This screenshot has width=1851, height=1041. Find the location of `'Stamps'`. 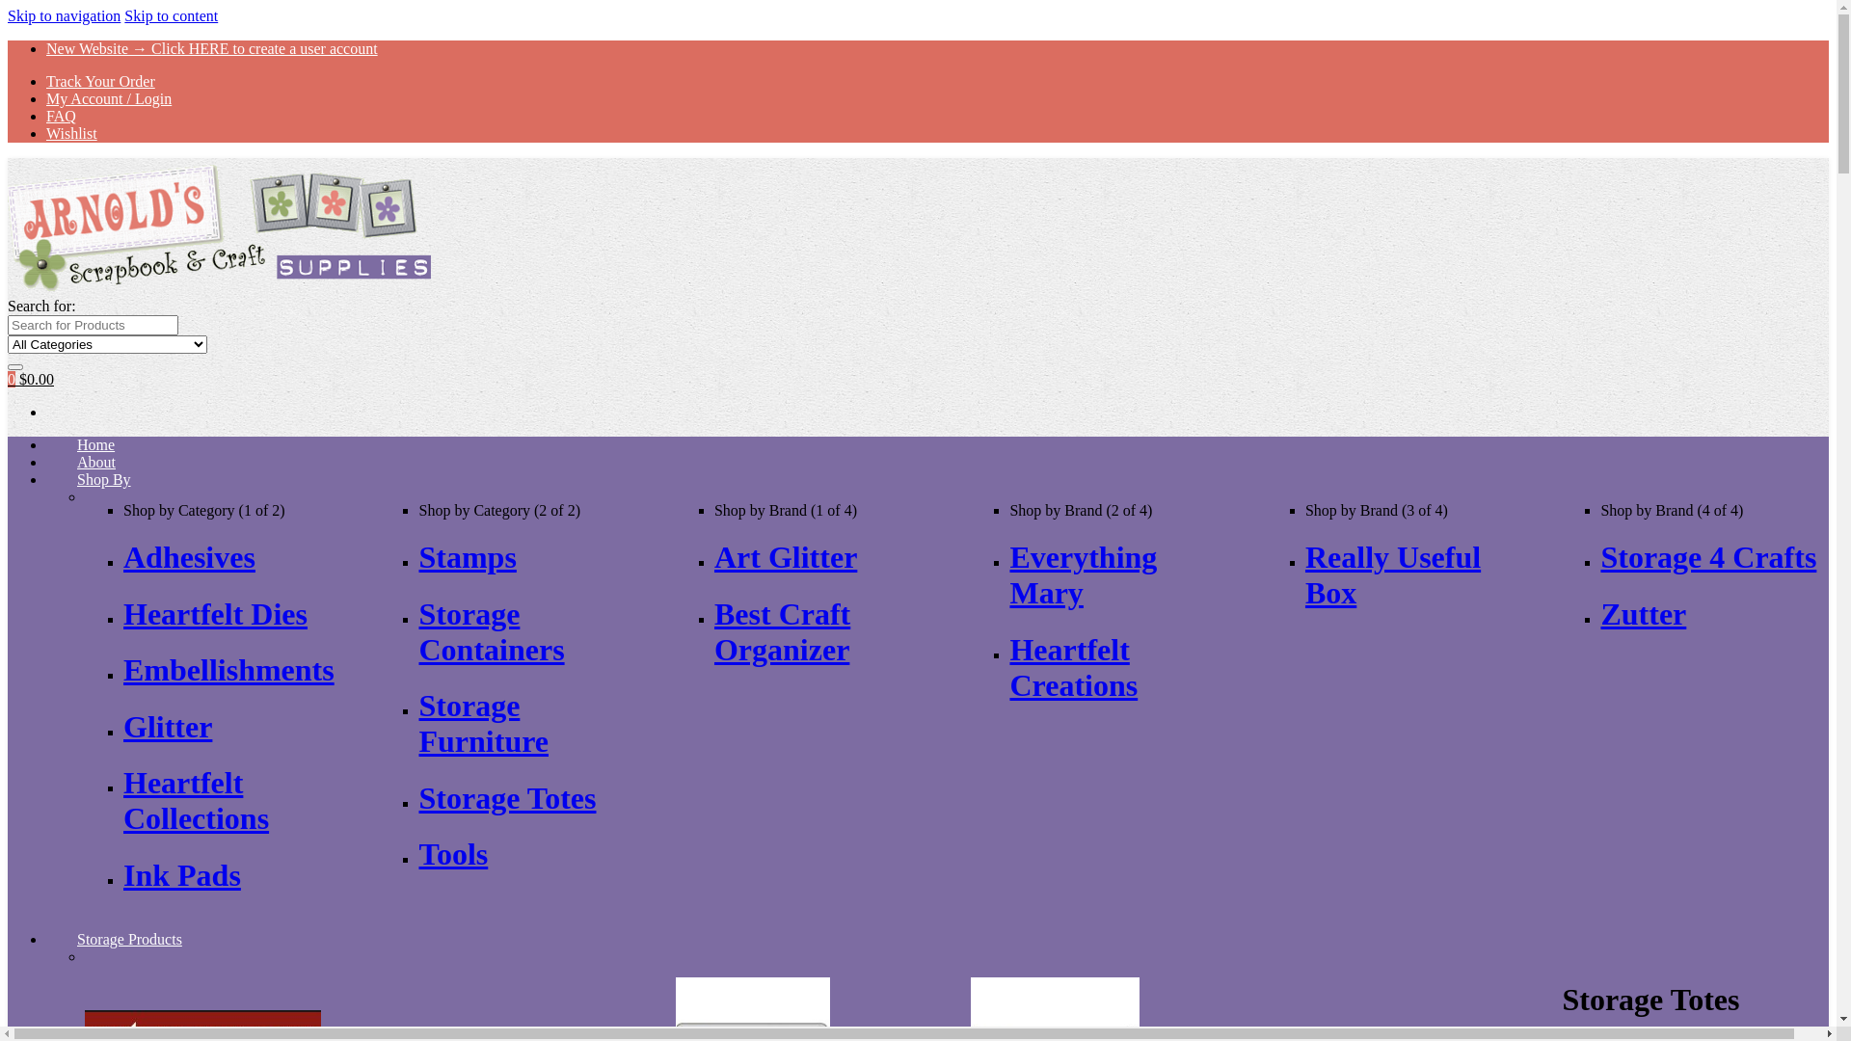

'Stamps' is located at coordinates (467, 557).